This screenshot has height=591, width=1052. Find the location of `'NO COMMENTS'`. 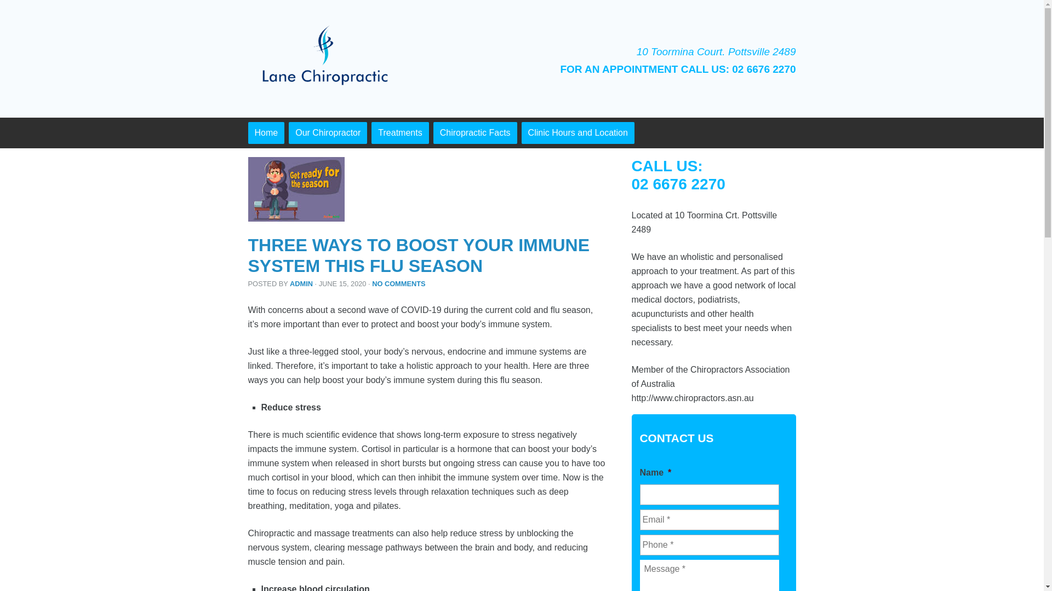

'NO COMMENTS' is located at coordinates (371, 283).